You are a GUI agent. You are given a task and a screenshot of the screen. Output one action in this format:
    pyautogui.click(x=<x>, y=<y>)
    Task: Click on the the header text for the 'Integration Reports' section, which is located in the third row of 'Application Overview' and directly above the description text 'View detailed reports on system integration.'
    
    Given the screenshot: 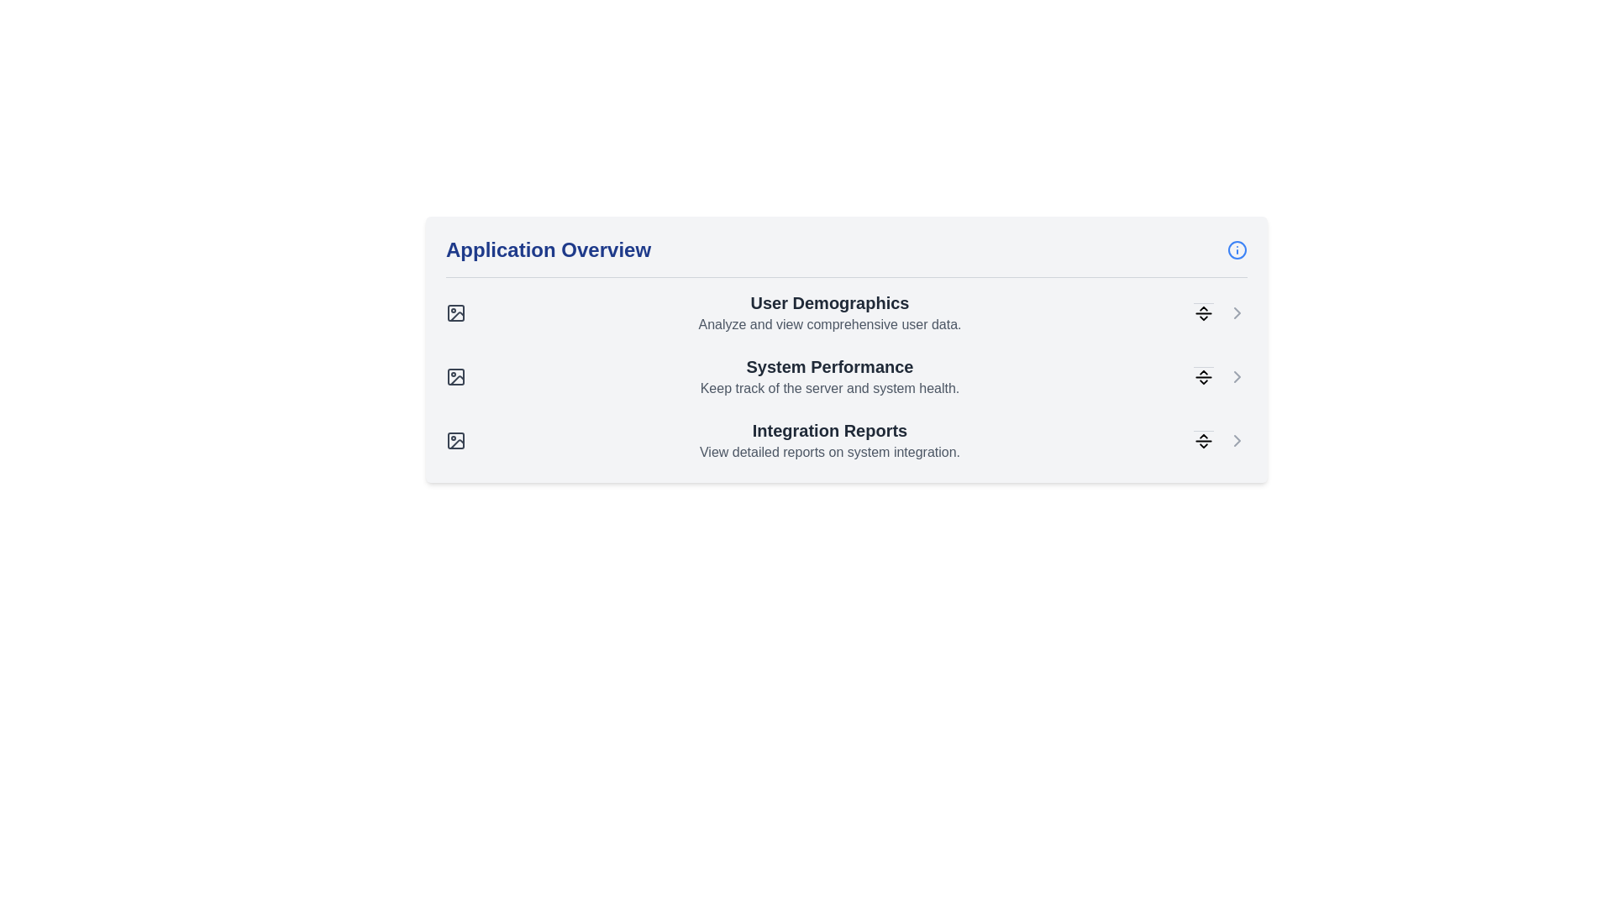 What is the action you would take?
    pyautogui.click(x=830, y=430)
    